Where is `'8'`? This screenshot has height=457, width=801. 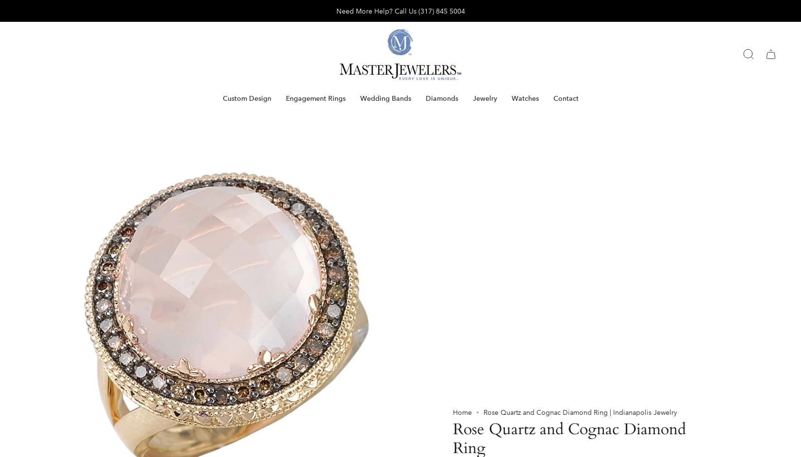
'8' is located at coordinates (461, 254).